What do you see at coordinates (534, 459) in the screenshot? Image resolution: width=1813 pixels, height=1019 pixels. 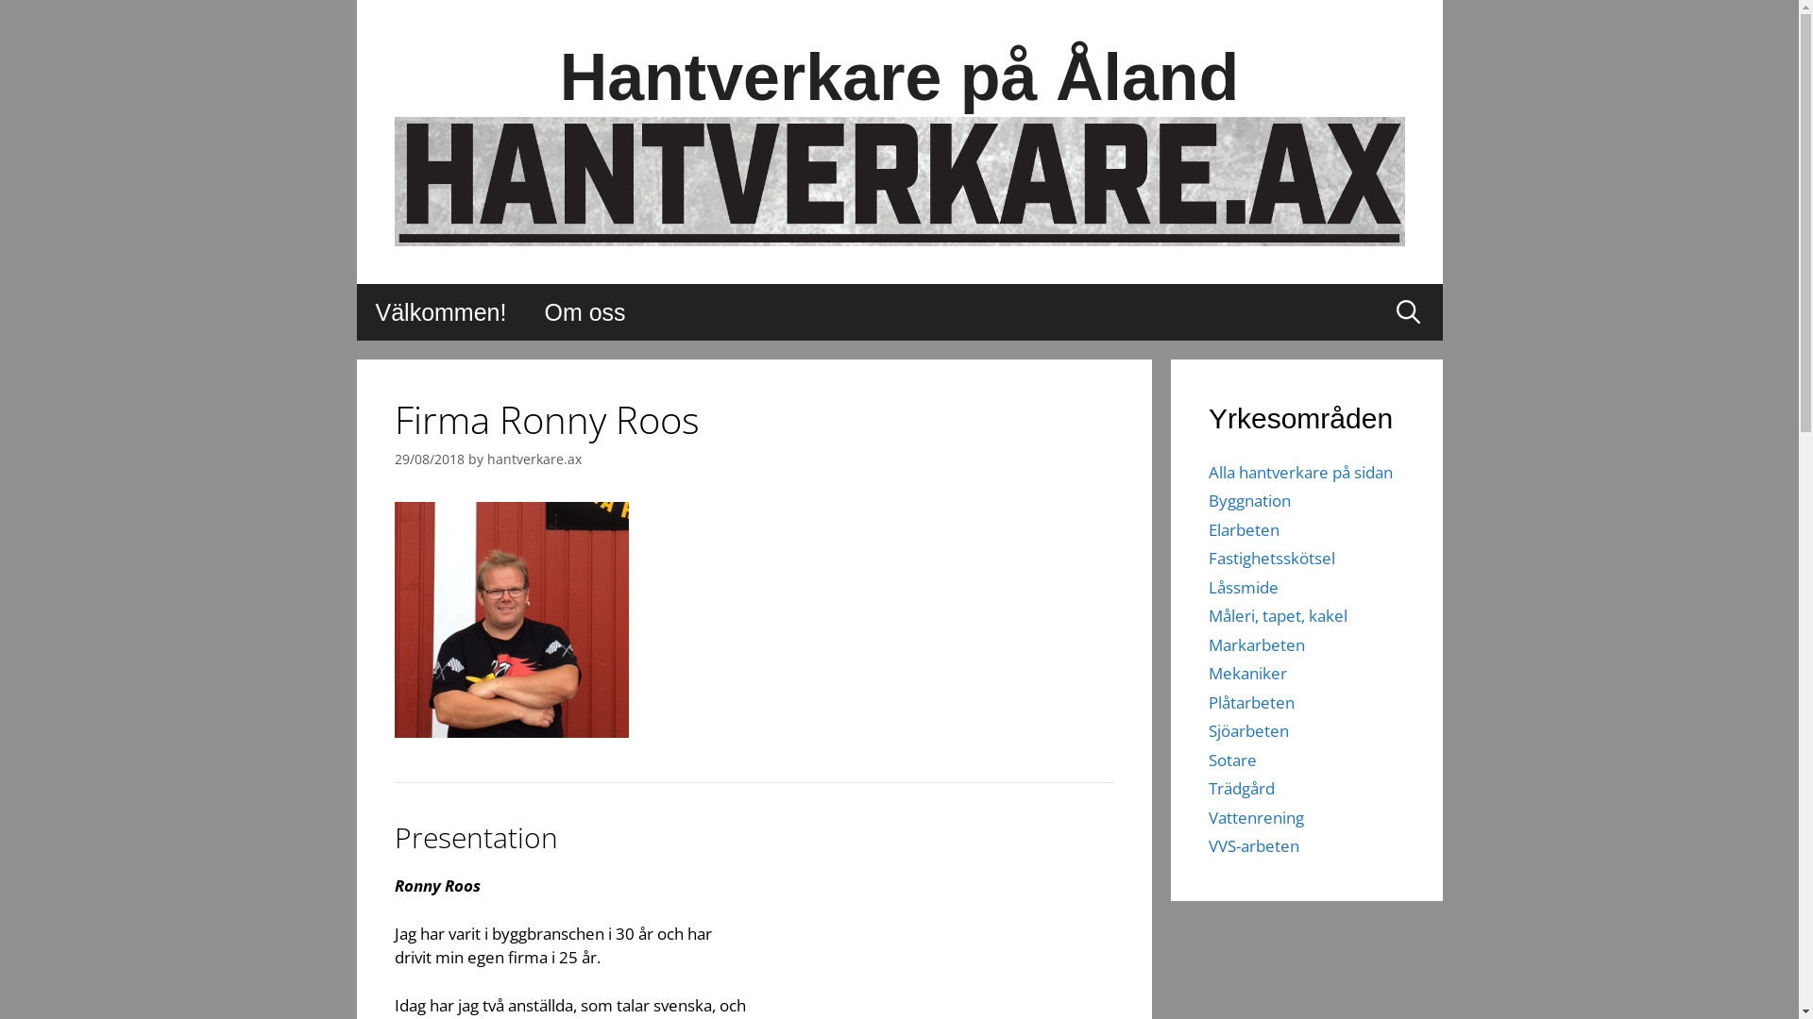 I see `'hantverkare.ax'` at bounding box center [534, 459].